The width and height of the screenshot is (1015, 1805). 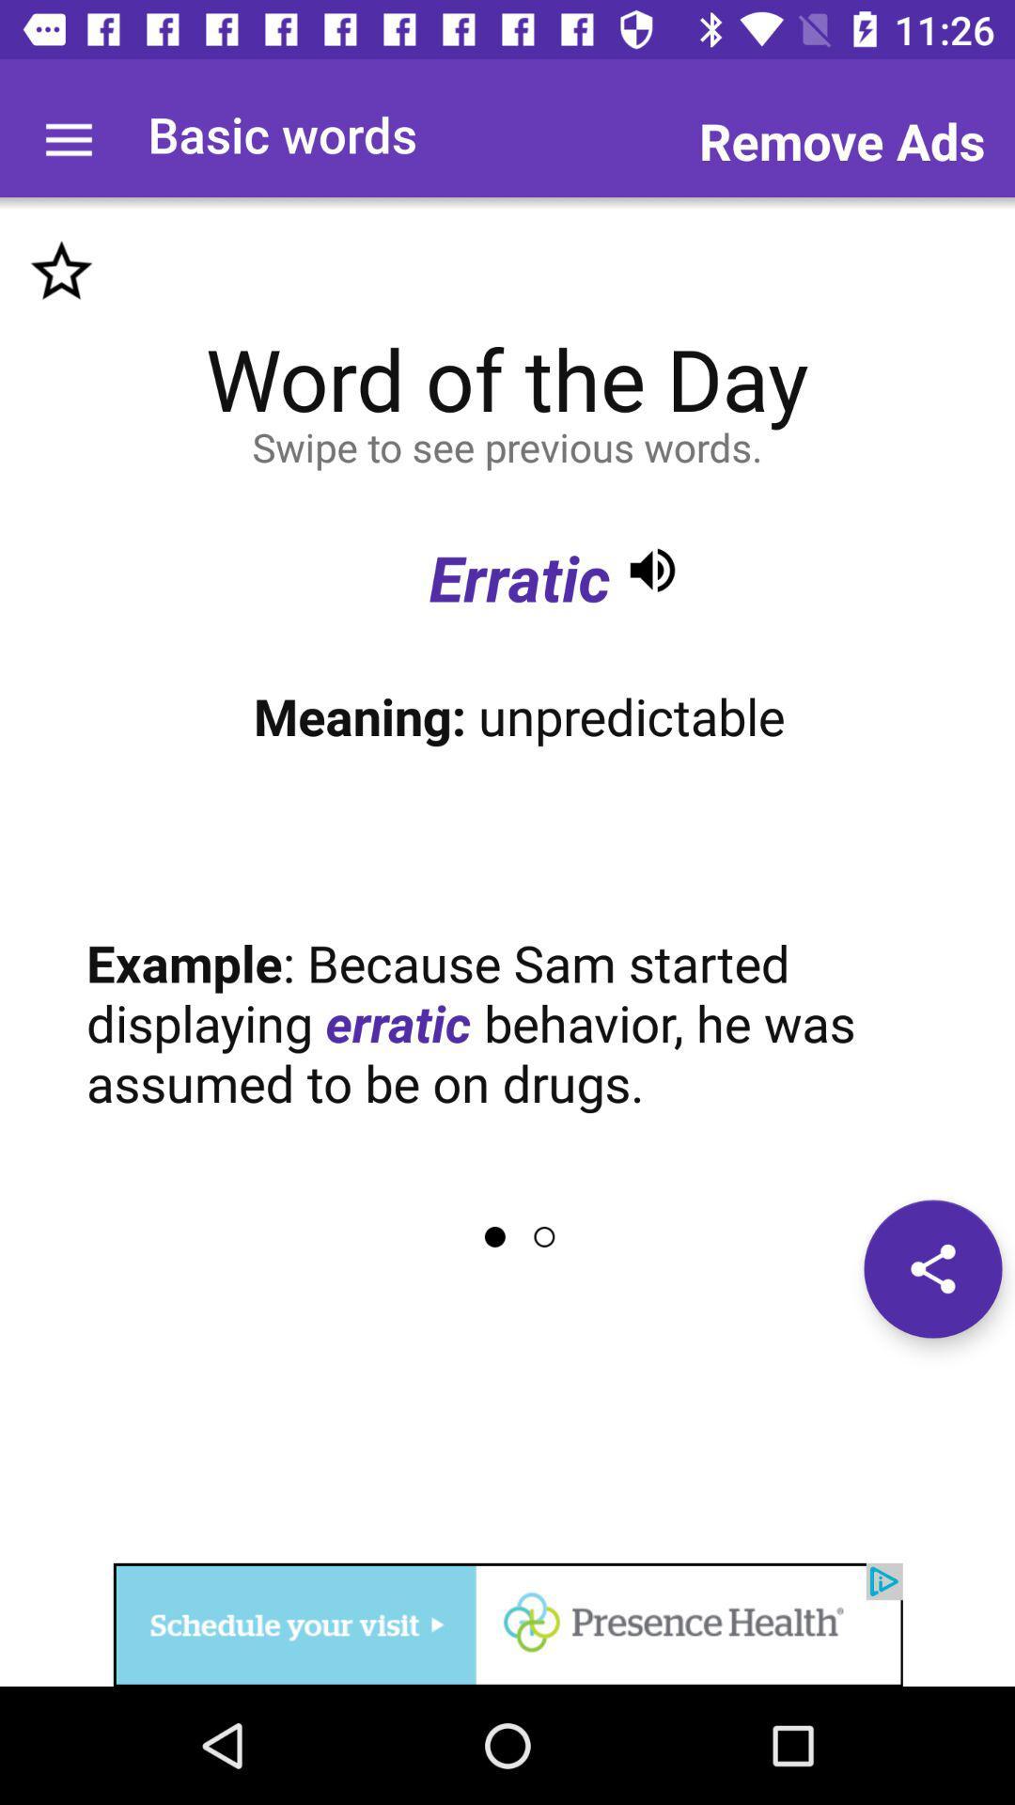 What do you see at coordinates (932, 1268) in the screenshot?
I see `share` at bounding box center [932, 1268].